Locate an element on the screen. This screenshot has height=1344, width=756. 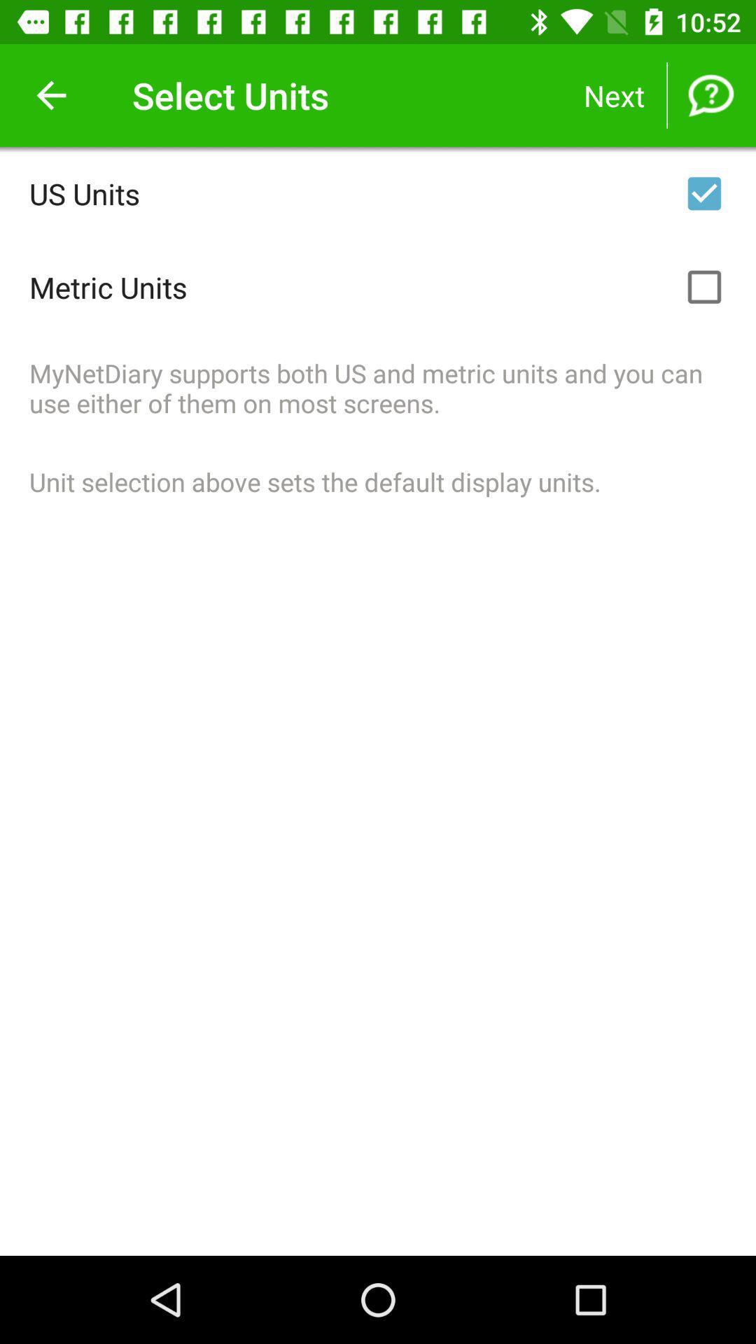
icon next to the select units is located at coordinates (50, 94).